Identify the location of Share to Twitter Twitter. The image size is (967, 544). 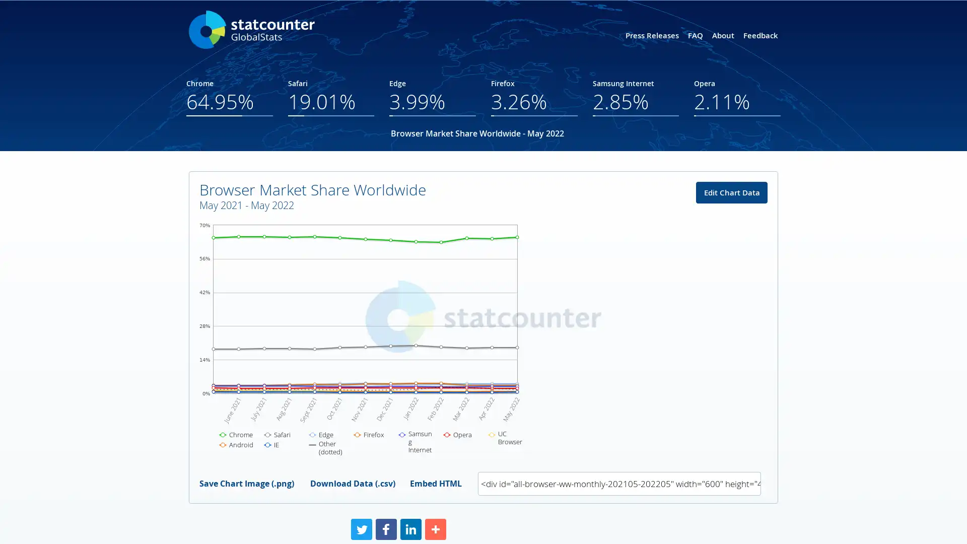
(375, 528).